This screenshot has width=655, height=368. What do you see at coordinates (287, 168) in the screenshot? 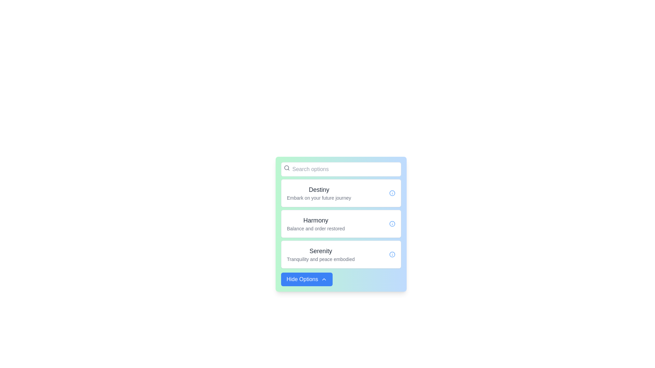
I see `the search icon located at the top-left inside the search box, which indicates the search functionality adjacent to the input field with the placeholder text 'Search options'` at bounding box center [287, 168].